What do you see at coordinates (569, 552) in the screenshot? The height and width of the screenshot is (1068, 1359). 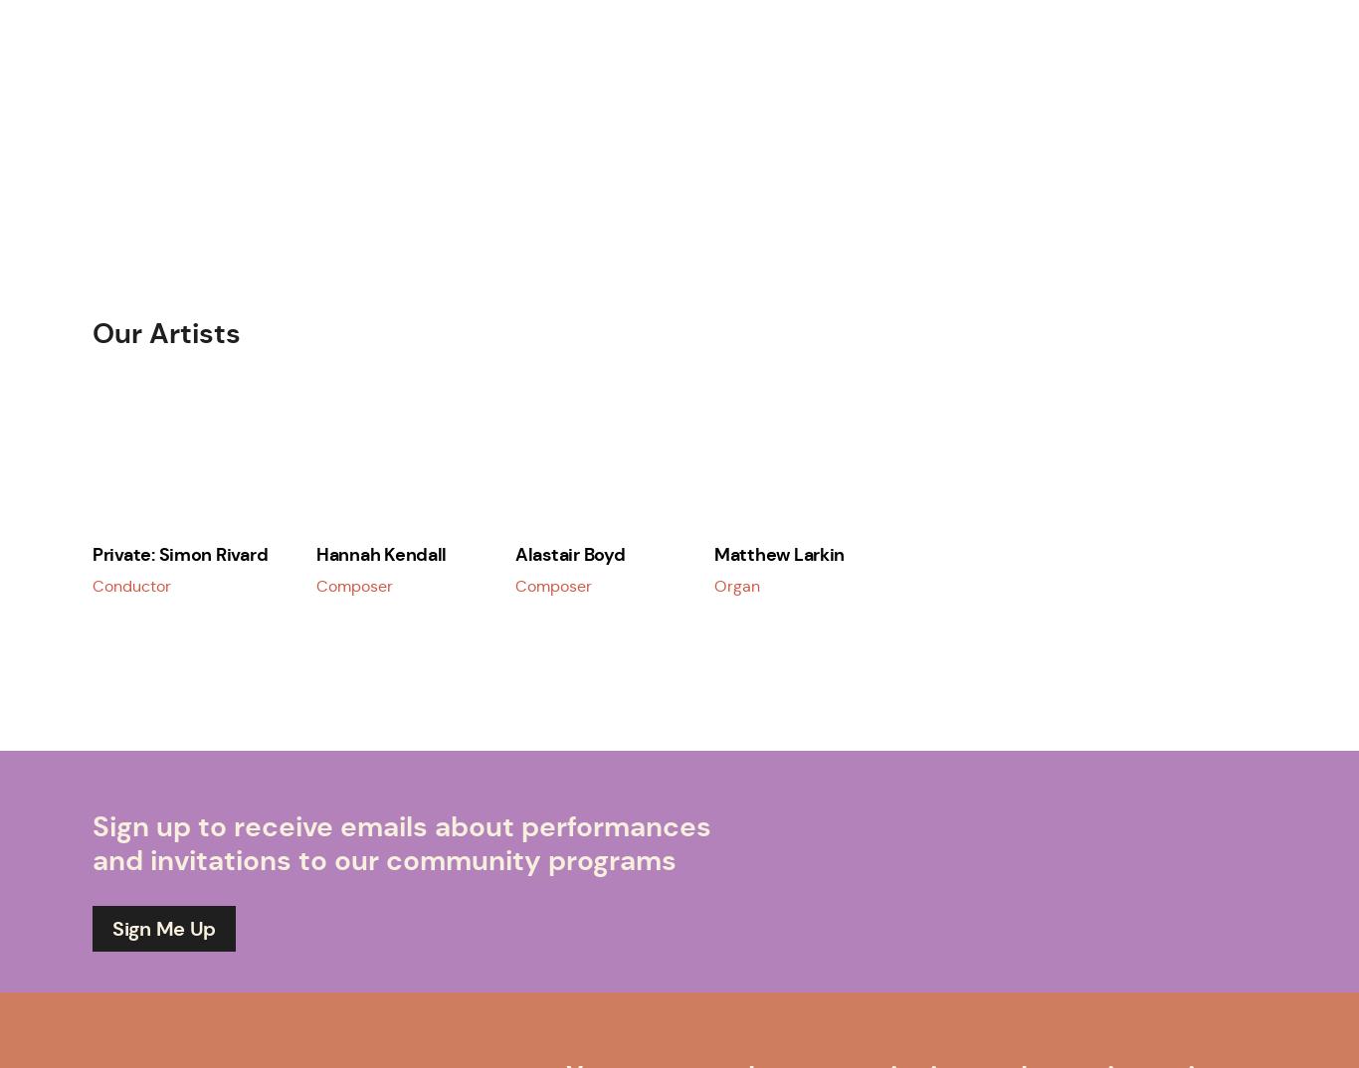 I see `'Alastair Boyd'` at bounding box center [569, 552].